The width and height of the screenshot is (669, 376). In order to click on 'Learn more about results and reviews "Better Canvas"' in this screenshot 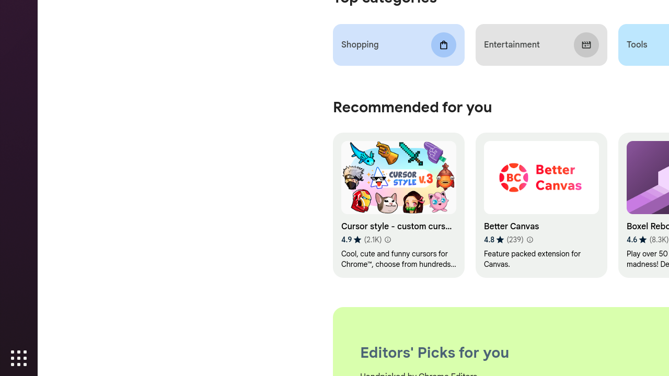, I will do `click(529, 240)`.